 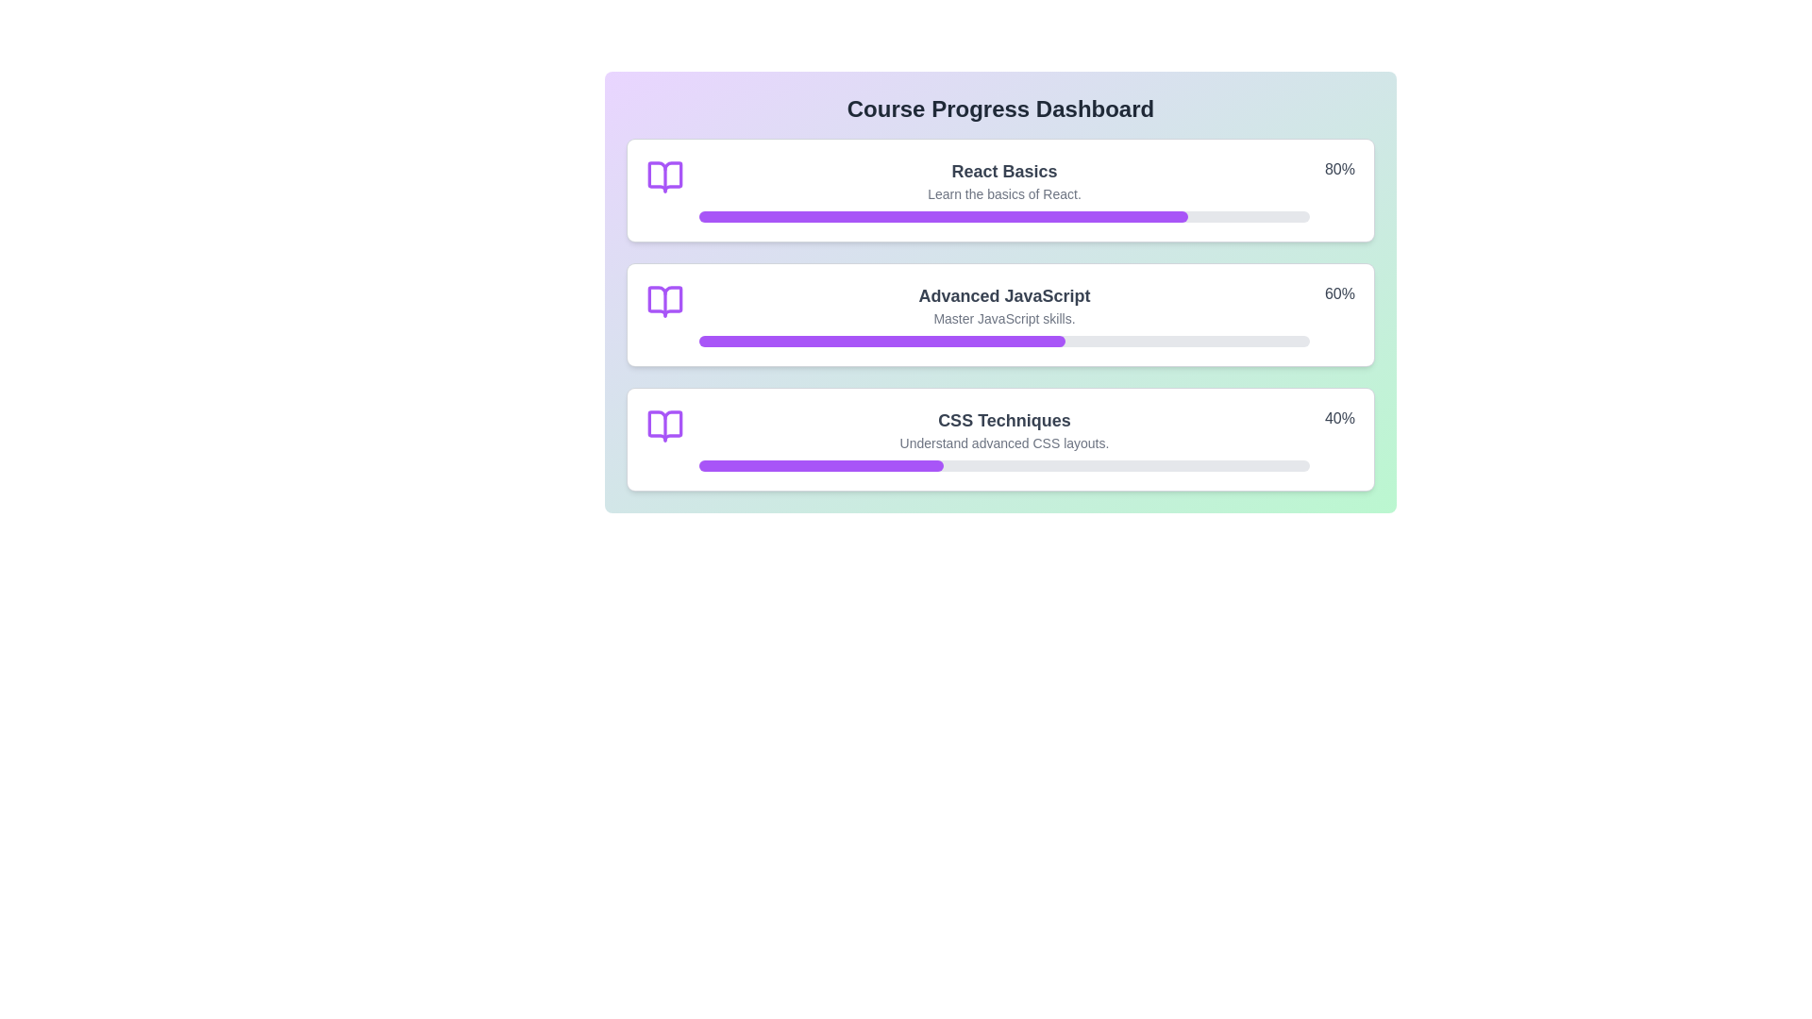 I want to click on the text label displaying '60%' in the second card labeled 'Advanced JavaScript', positioned towards the top-right corner of the card, so click(x=1339, y=294).